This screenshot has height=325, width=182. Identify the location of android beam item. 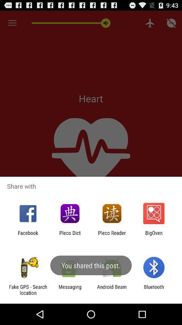
(112, 289).